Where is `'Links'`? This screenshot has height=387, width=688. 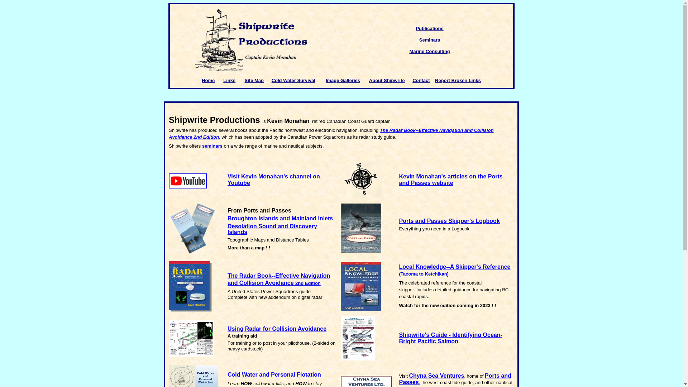
'Links' is located at coordinates (229, 80).